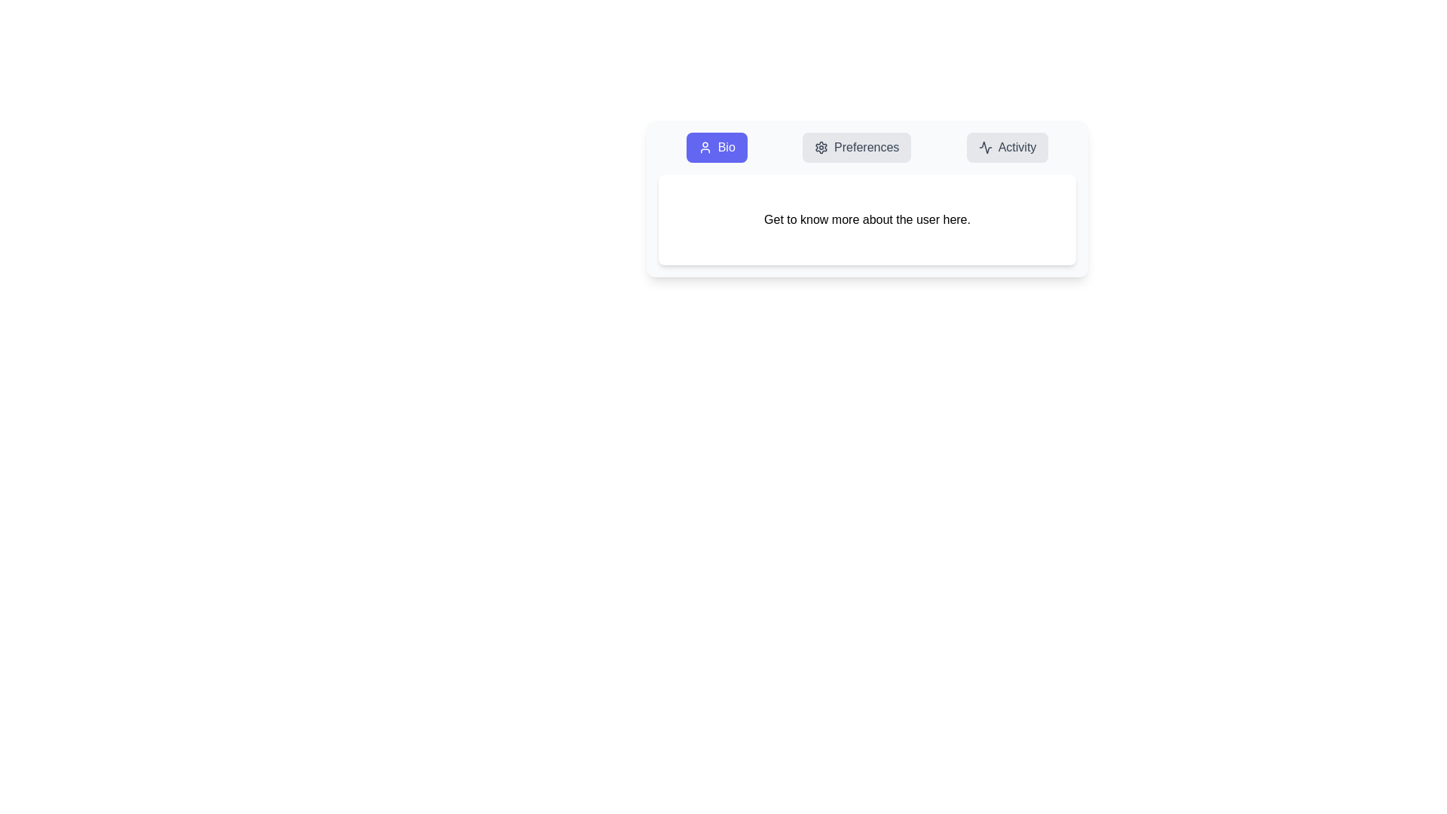 The width and height of the screenshot is (1447, 814). Describe the element at coordinates (1008, 148) in the screenshot. I see `the Activity tab by clicking on its button` at that location.